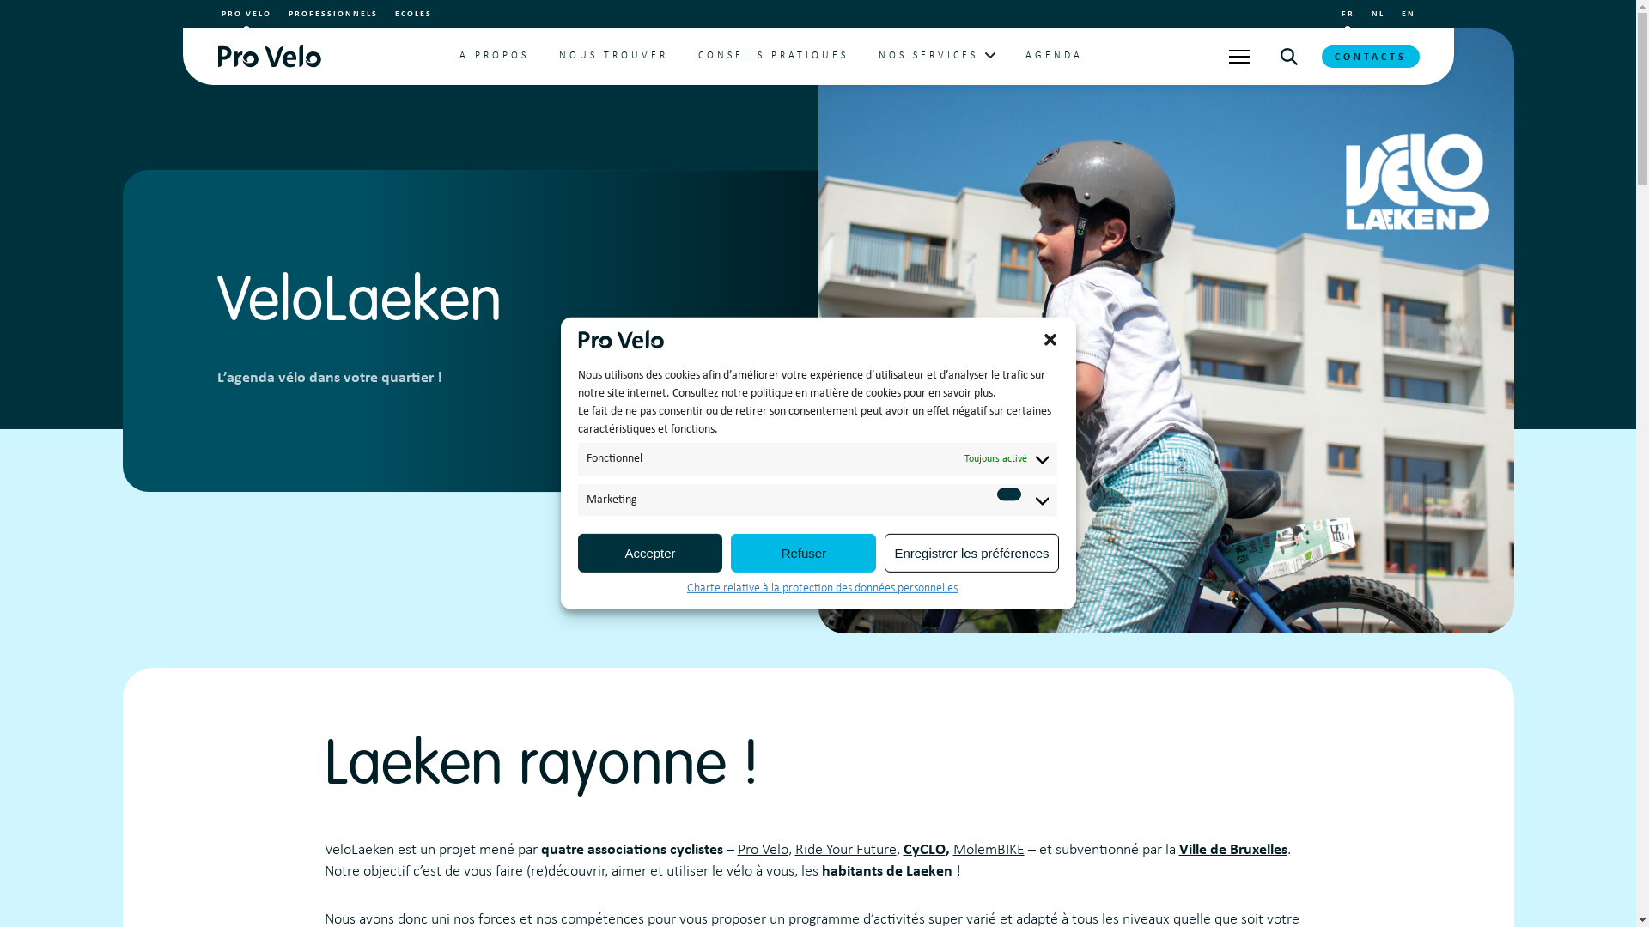 The width and height of the screenshot is (1649, 927). Describe the element at coordinates (289, 14) in the screenshot. I see `'PROFESSIONNELS'` at that location.